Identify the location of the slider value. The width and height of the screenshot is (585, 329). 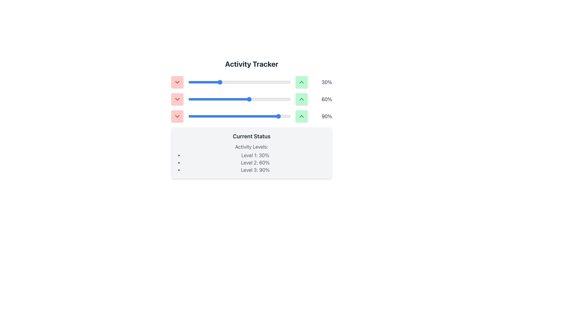
(260, 116).